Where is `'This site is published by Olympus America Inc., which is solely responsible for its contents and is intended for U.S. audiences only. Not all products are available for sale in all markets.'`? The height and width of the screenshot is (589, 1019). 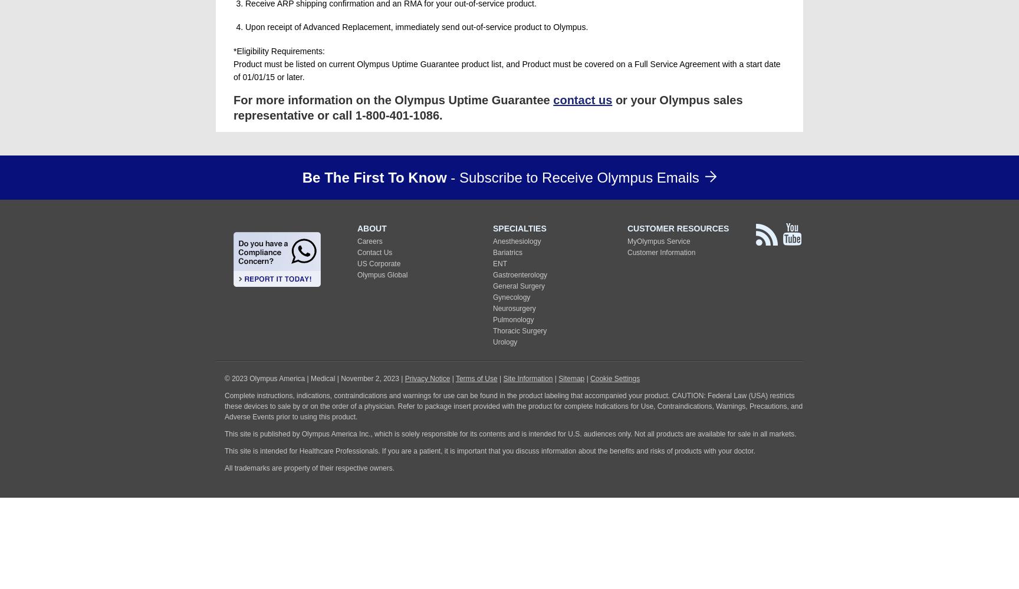
'This site is published by Olympus America Inc., which is solely responsible for its contents and is intended for U.S. audiences only. Not all products are available for sale in all markets.' is located at coordinates (510, 434).